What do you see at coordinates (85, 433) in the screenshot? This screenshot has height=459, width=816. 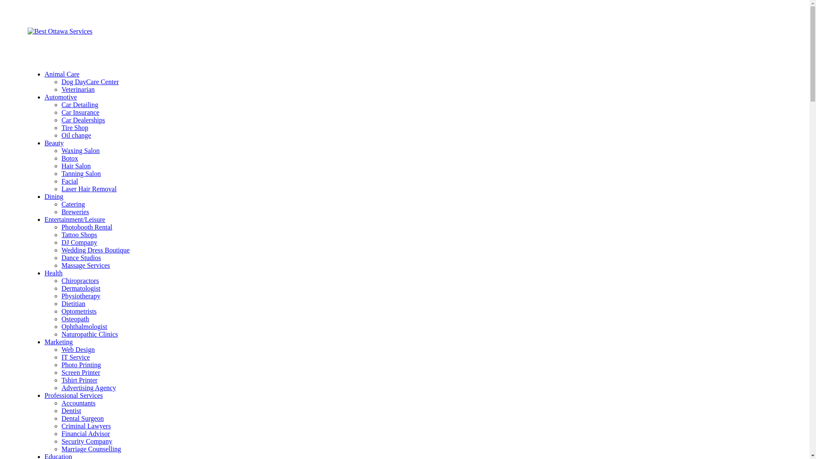 I see `'Financial Advisor'` at bounding box center [85, 433].